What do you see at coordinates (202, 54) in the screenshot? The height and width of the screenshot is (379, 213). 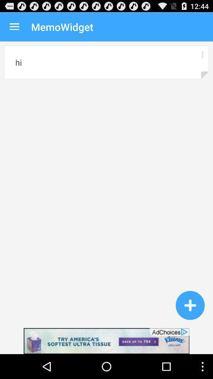 I see `options` at bounding box center [202, 54].